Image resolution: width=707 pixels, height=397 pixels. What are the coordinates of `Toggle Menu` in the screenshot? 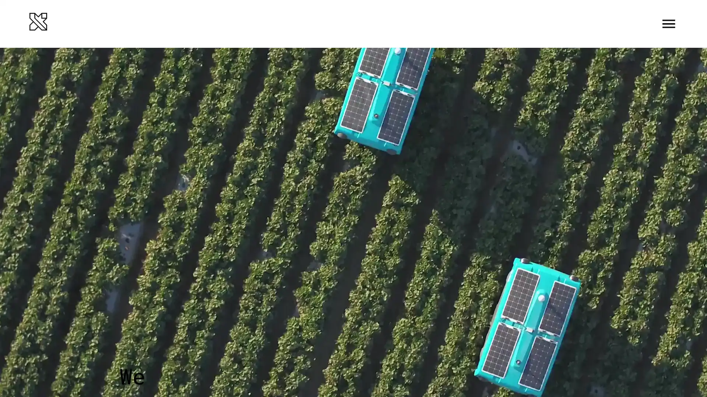 It's located at (668, 24).